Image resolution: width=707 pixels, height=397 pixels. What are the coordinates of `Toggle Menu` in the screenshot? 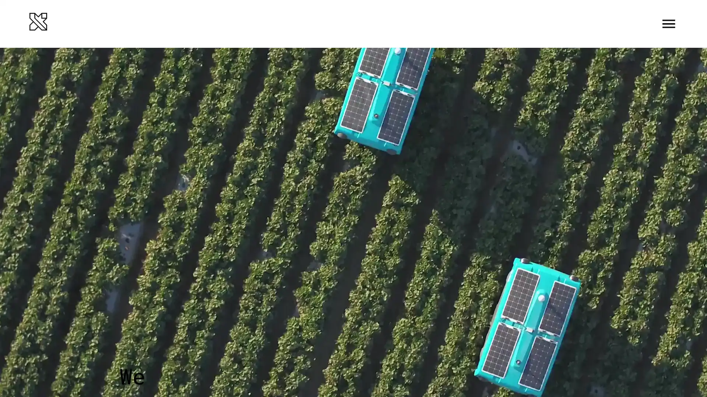 It's located at (668, 24).